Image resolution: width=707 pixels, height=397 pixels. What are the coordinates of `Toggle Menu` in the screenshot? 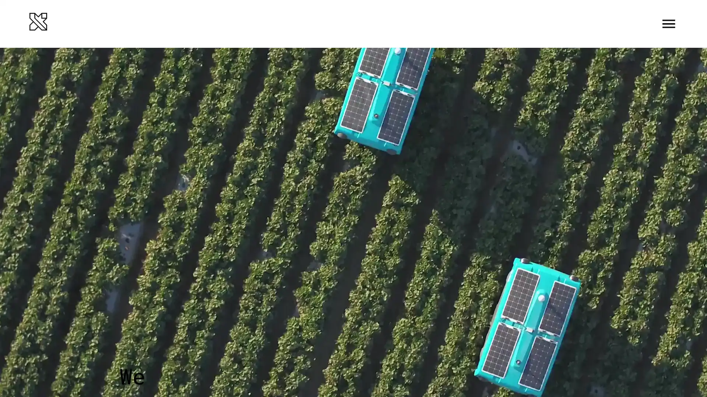 It's located at (668, 24).